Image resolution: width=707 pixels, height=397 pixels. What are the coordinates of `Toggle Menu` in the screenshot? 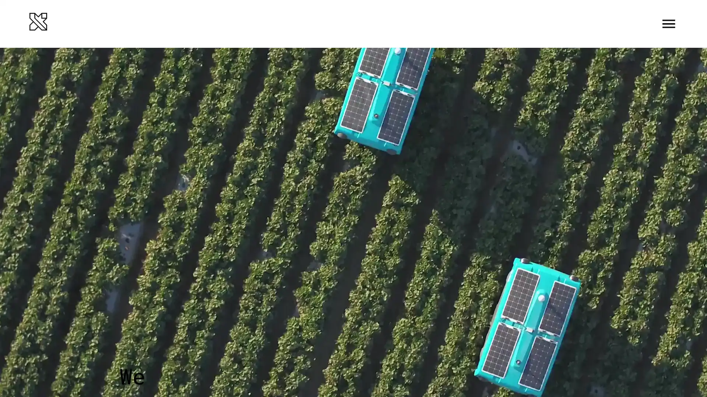 It's located at (668, 24).